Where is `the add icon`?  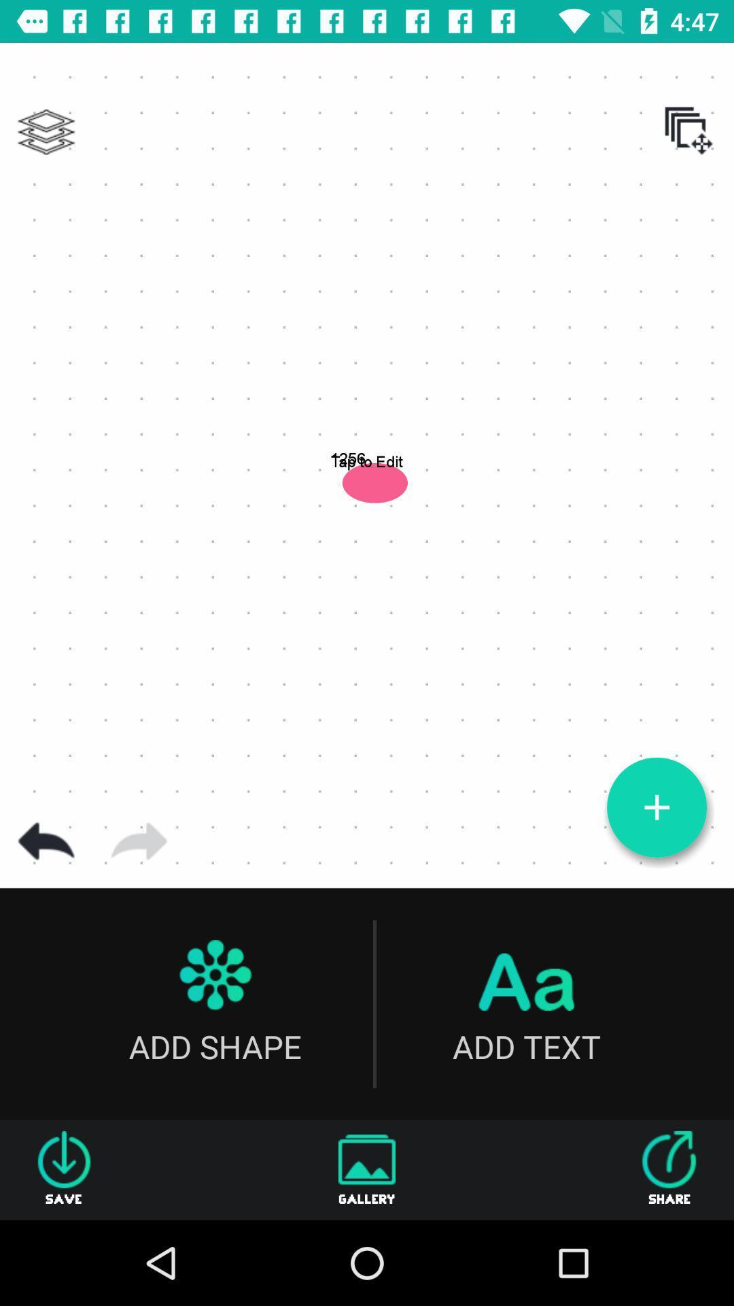
the add icon is located at coordinates (656, 807).